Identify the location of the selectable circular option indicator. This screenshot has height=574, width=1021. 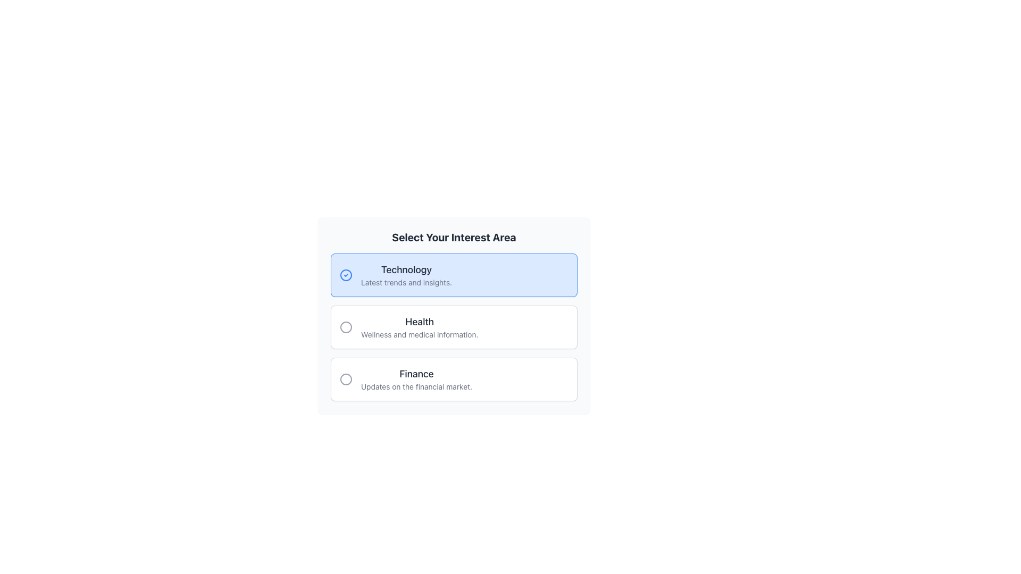
(346, 327).